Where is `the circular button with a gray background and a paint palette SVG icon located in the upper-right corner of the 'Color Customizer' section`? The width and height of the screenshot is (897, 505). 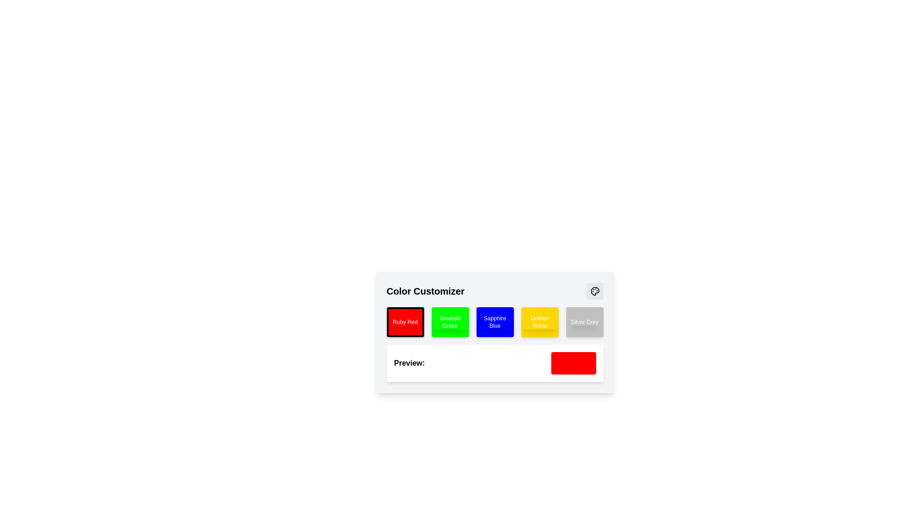 the circular button with a gray background and a paint palette SVG icon located in the upper-right corner of the 'Color Customizer' section is located at coordinates (594, 291).